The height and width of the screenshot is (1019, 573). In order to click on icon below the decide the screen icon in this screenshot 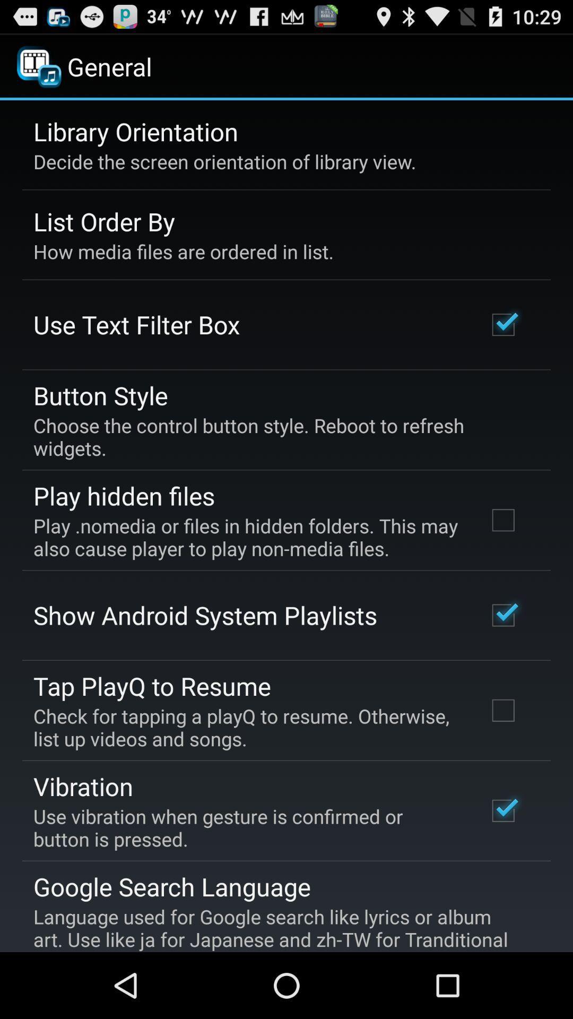, I will do `click(104, 221)`.